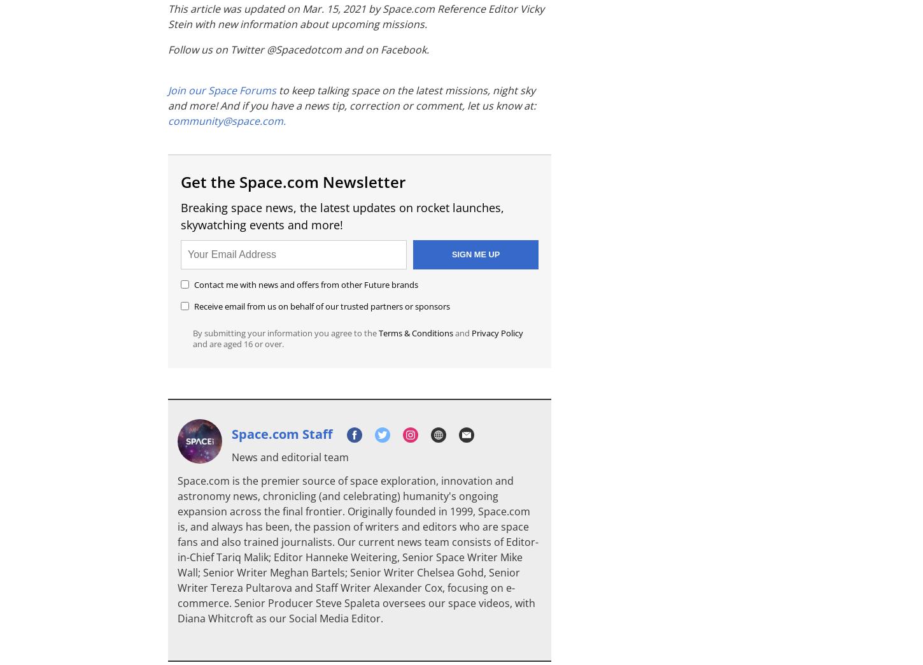 Image resolution: width=923 pixels, height=665 pixels. I want to click on 'News and editorial team', so click(290, 456).